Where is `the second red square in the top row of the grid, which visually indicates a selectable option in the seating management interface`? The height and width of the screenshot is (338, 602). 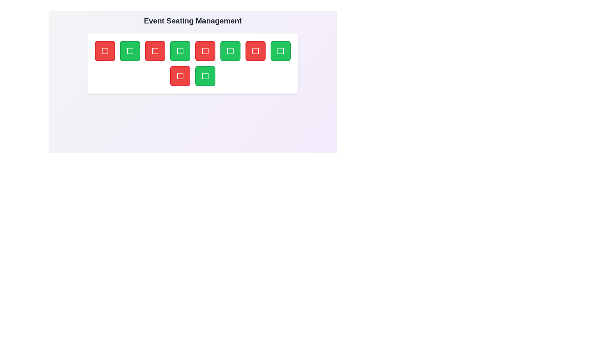 the second red square in the top row of the grid, which visually indicates a selectable option in the seating management interface is located at coordinates (155, 50).